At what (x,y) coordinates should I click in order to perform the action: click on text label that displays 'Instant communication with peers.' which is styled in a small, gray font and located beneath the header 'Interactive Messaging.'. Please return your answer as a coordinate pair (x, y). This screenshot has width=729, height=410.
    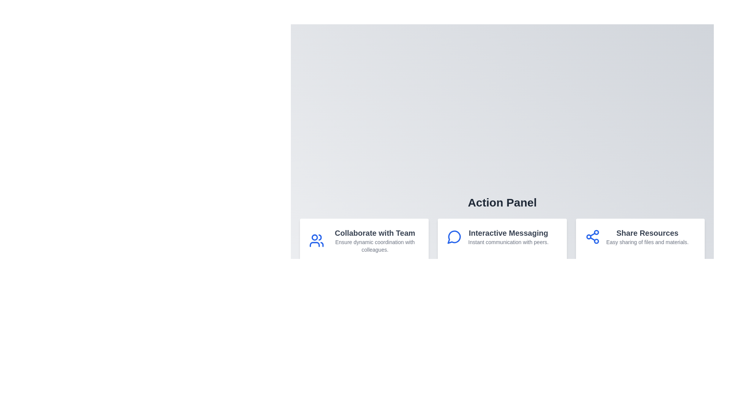
    Looking at the image, I should click on (508, 242).